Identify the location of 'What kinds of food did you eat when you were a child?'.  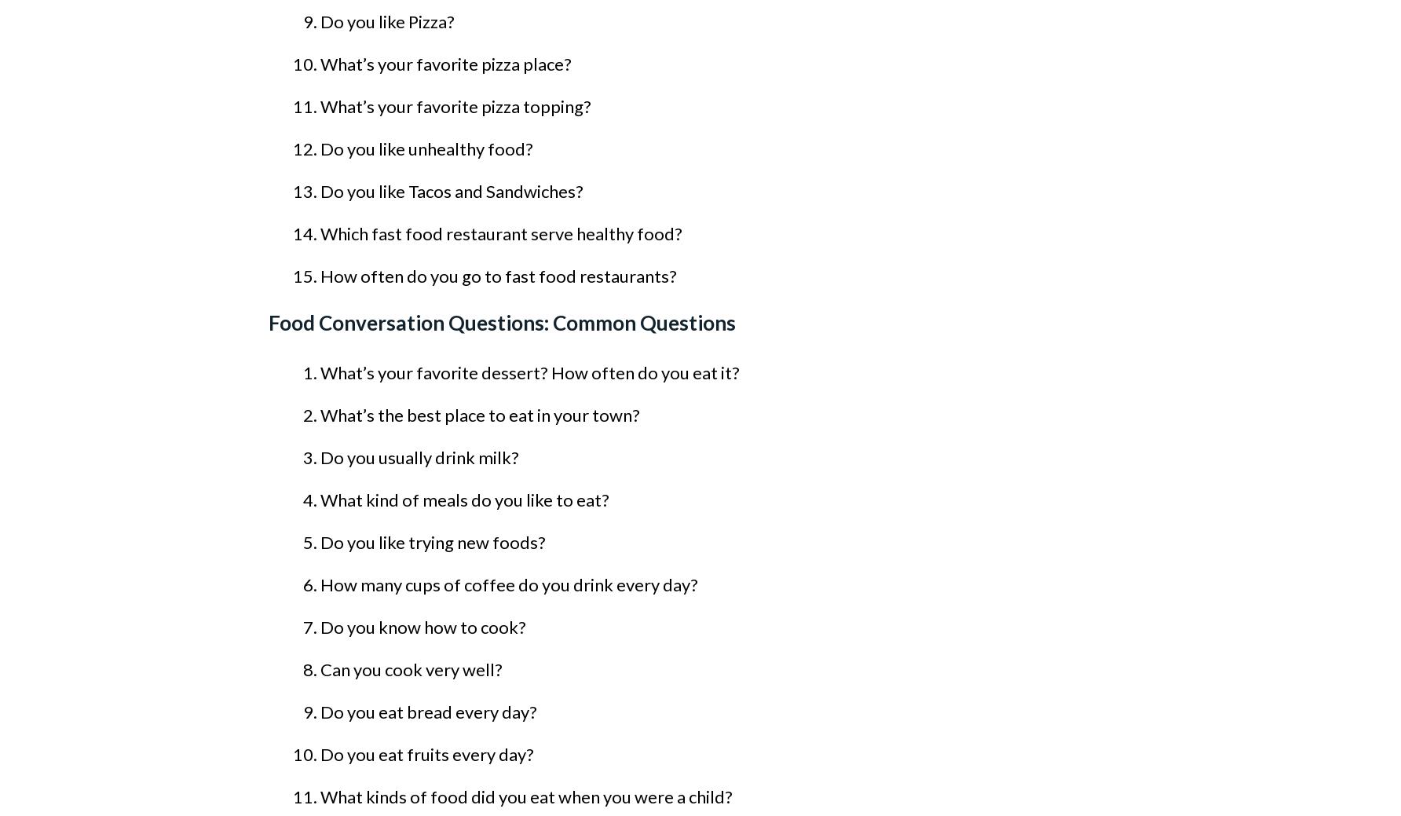
(526, 796).